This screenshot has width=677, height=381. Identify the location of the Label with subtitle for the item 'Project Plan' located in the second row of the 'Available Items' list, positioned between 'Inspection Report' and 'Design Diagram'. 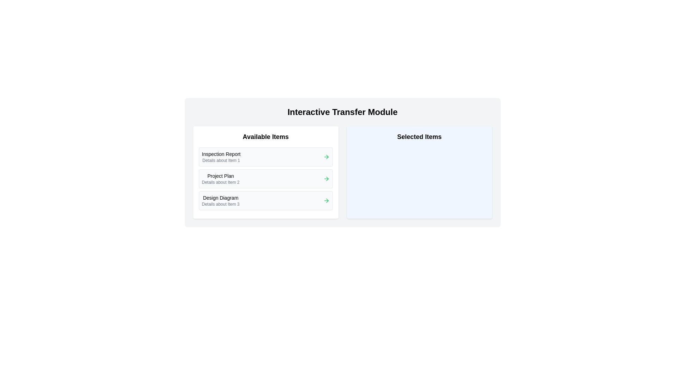
(220, 178).